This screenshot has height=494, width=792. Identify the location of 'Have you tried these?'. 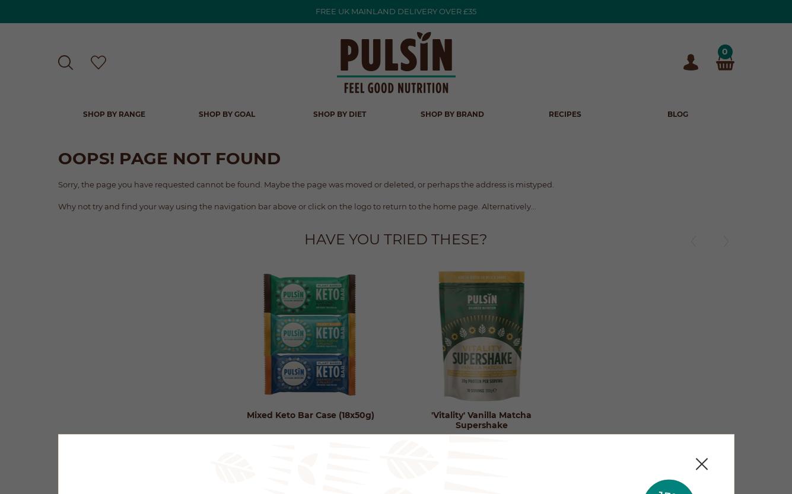
(396, 239).